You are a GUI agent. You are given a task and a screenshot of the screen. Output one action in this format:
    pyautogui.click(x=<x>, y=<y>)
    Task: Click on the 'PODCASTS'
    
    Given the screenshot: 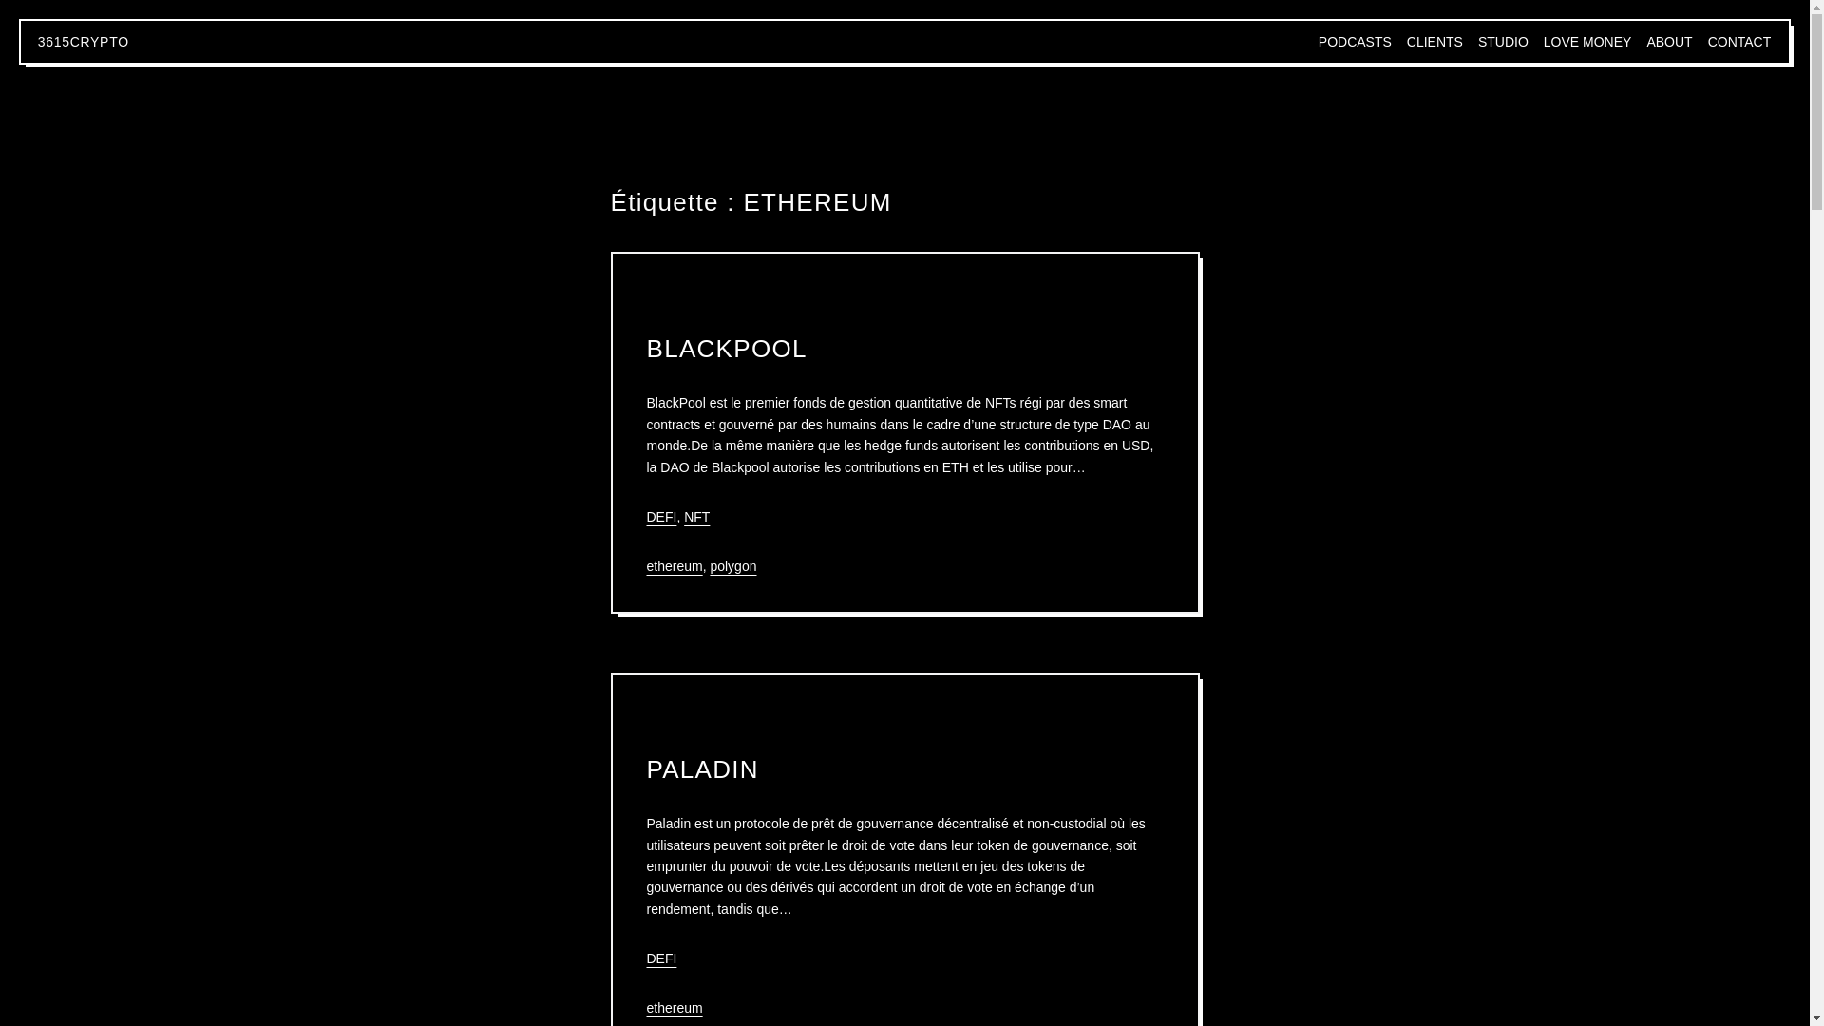 What is the action you would take?
    pyautogui.click(x=1354, y=41)
    